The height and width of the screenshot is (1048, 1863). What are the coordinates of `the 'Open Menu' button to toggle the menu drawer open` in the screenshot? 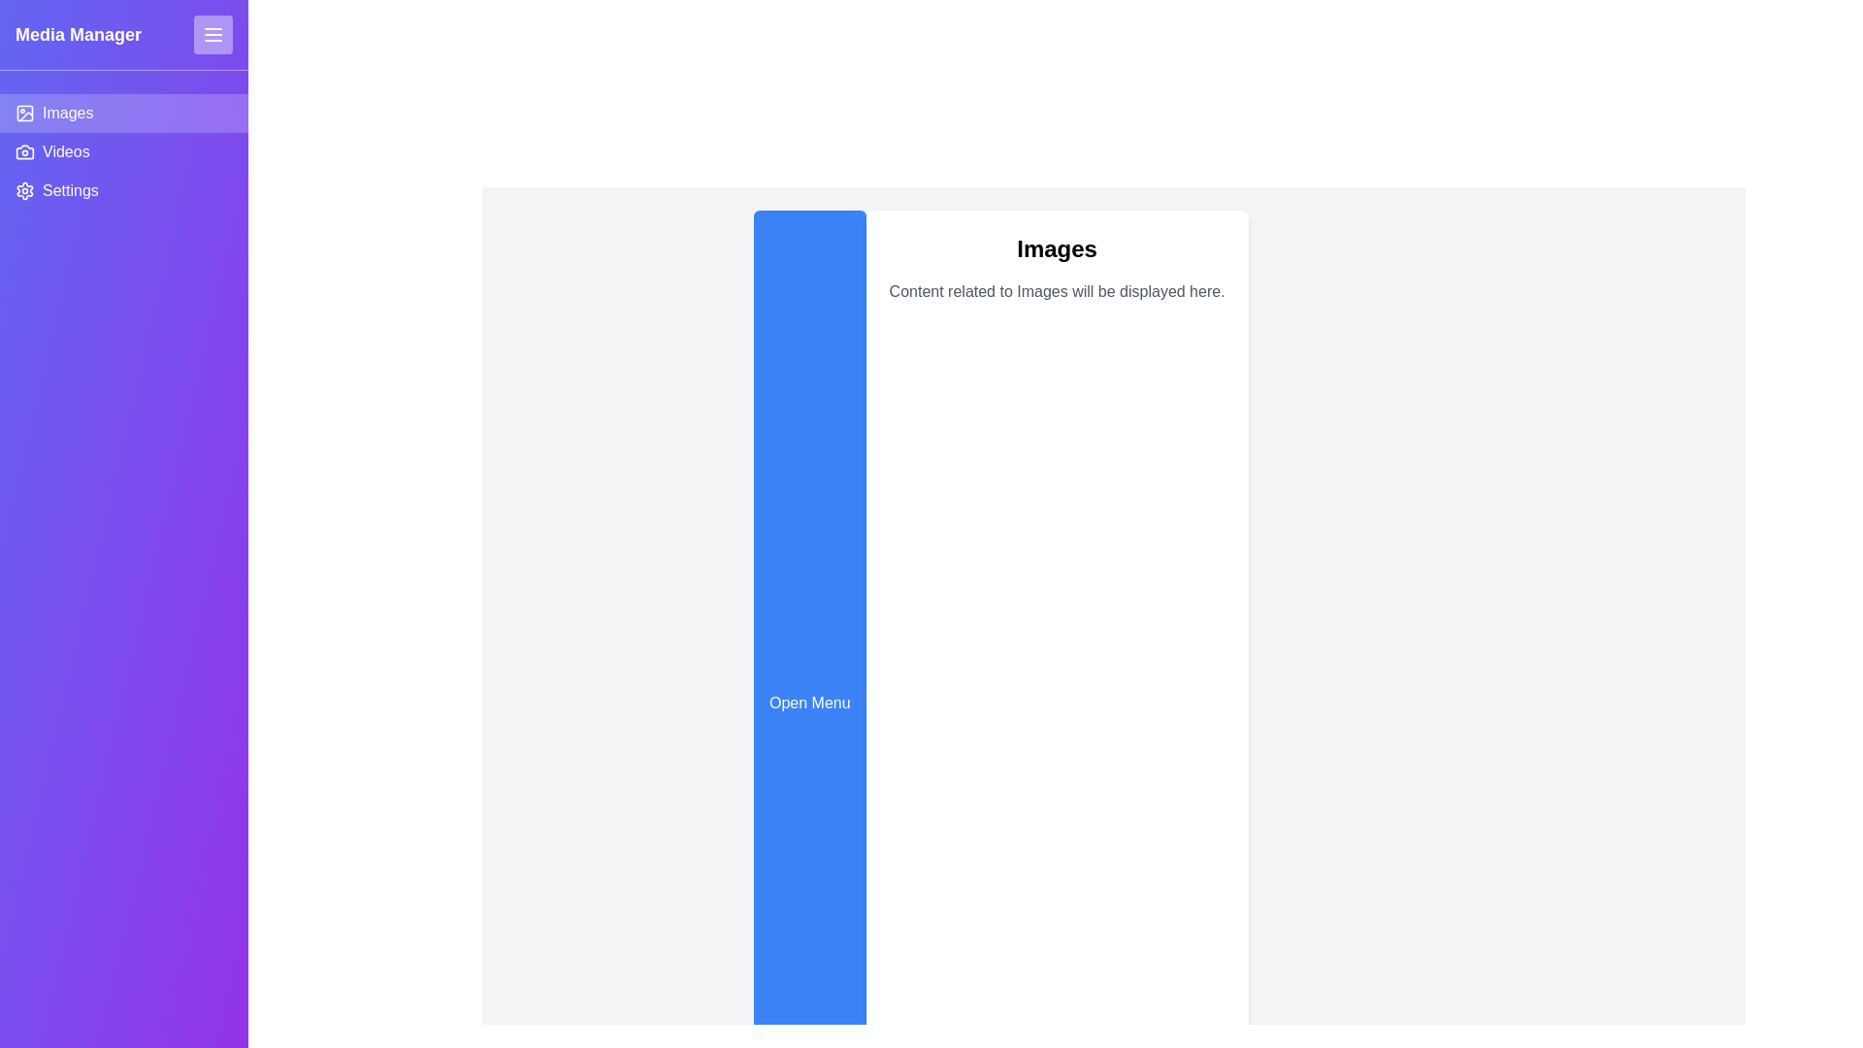 It's located at (809, 704).